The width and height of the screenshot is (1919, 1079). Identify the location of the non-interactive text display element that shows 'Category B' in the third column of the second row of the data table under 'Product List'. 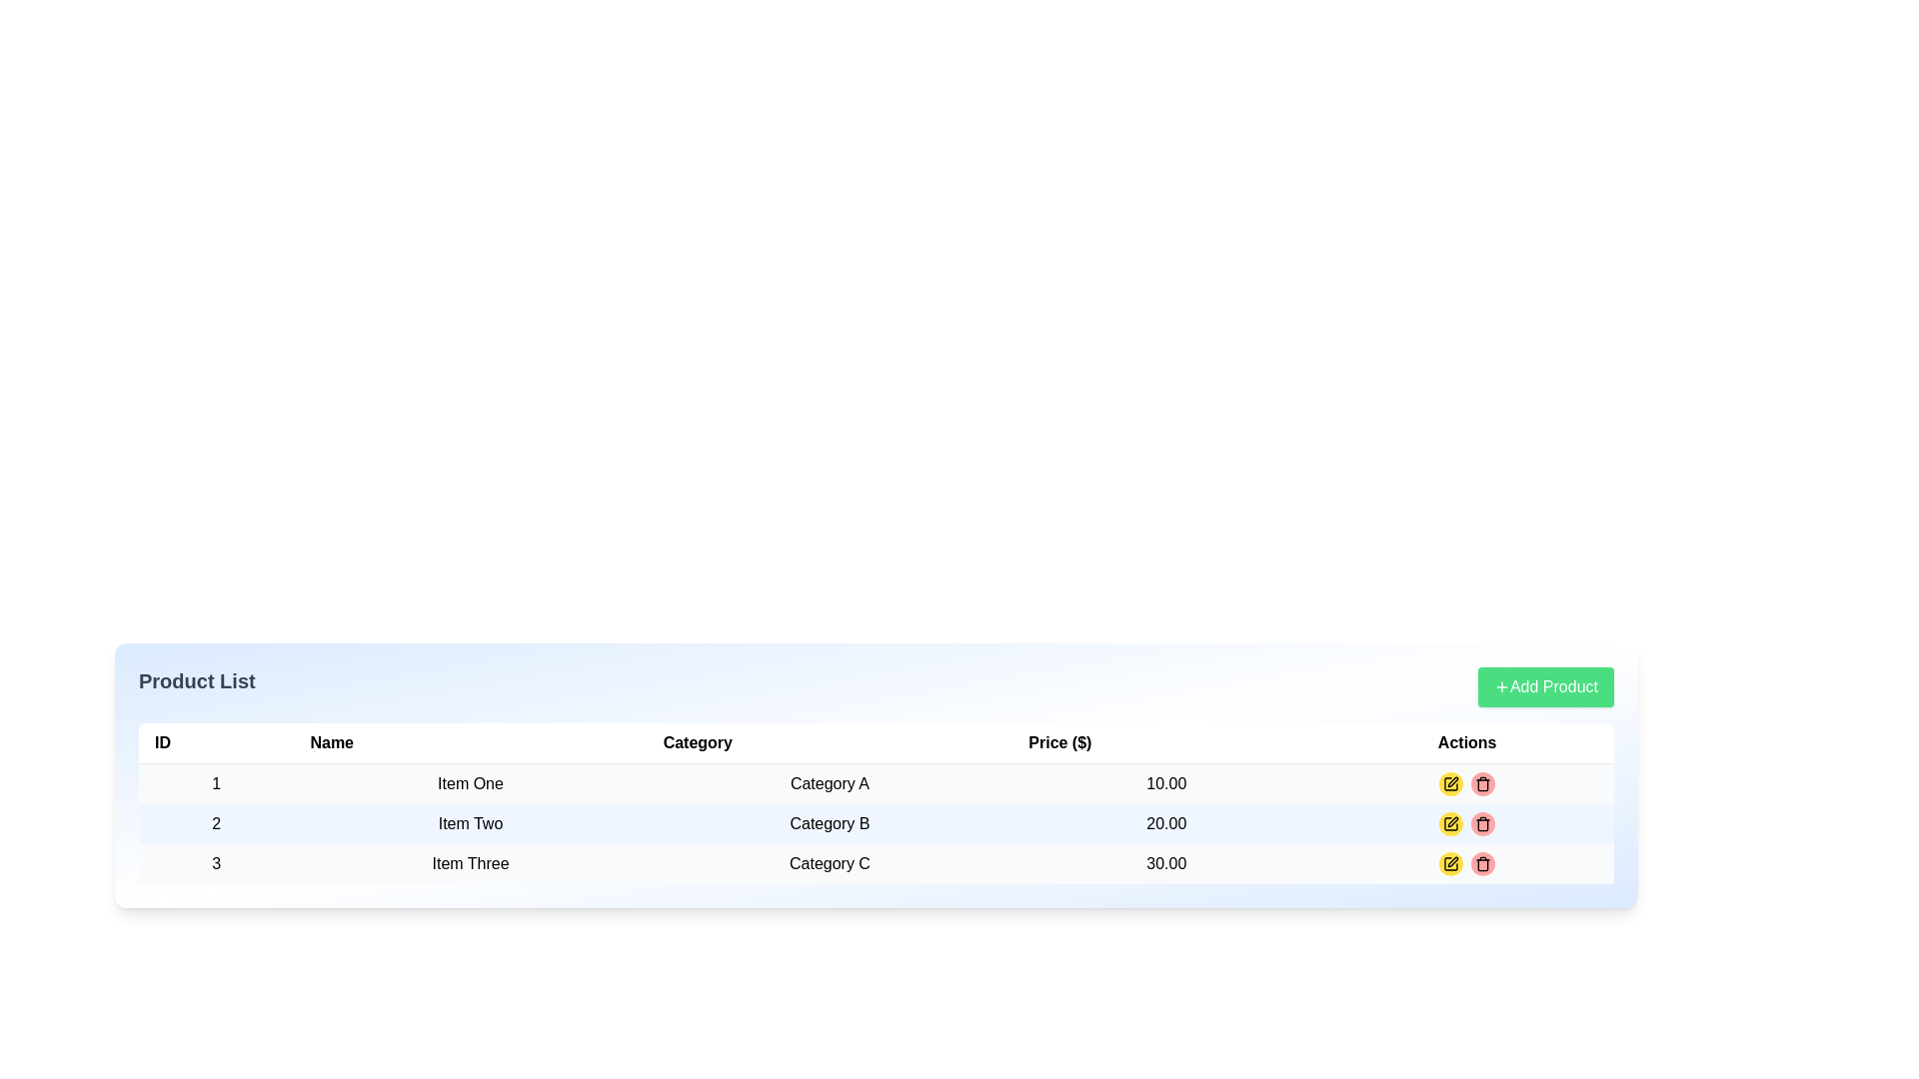
(830, 824).